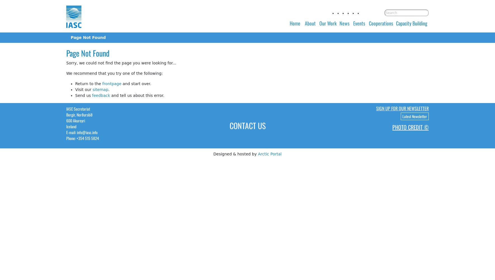  What do you see at coordinates (402, 116) in the screenshot?
I see `'Latest Newsletter'` at bounding box center [402, 116].